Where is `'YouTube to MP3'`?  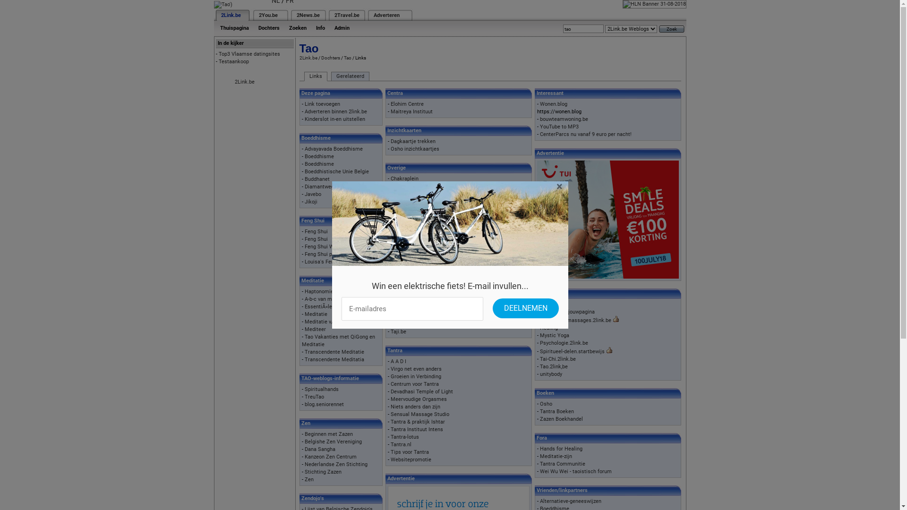 'YouTube to MP3' is located at coordinates (558, 126).